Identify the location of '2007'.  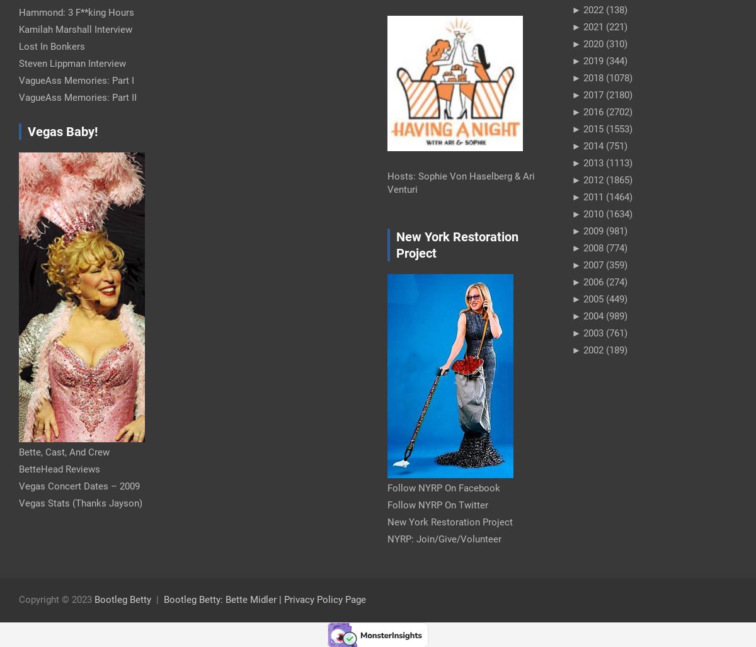
(593, 264).